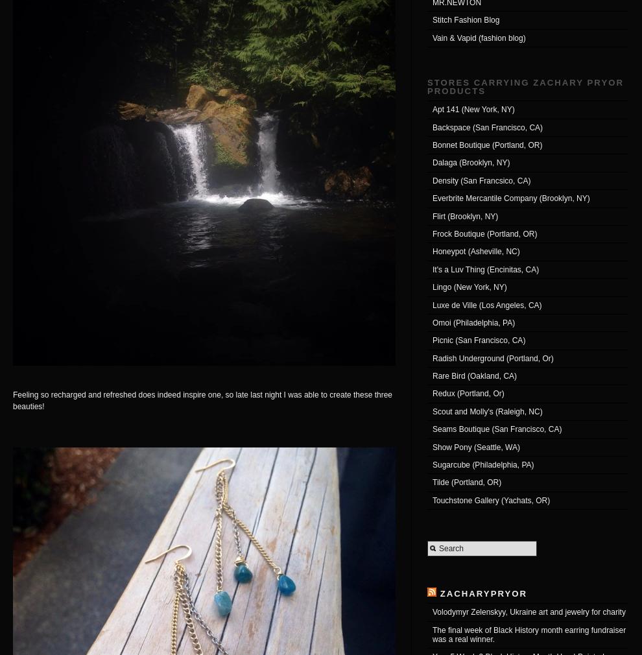 The height and width of the screenshot is (655, 642). I want to click on 'It's a Luv Thing (Encinitas, CA)', so click(486, 269).